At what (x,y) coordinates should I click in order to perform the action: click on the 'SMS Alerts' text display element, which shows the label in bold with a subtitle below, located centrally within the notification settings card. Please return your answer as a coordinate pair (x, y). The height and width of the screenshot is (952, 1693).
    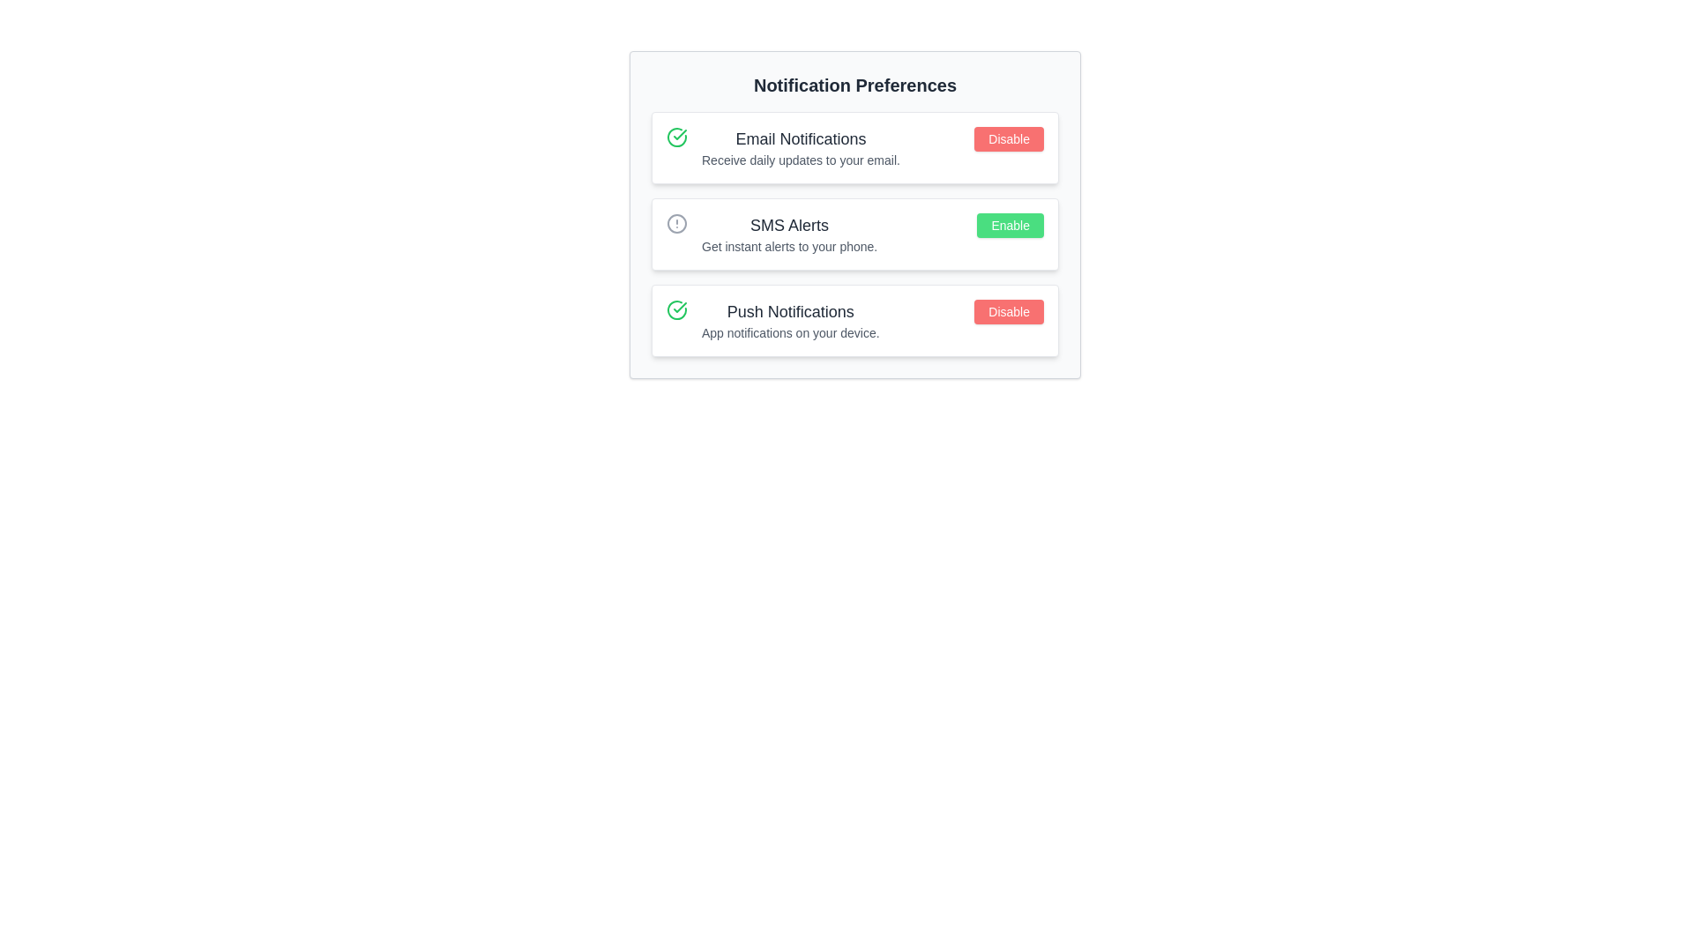
    Looking at the image, I should click on (788, 234).